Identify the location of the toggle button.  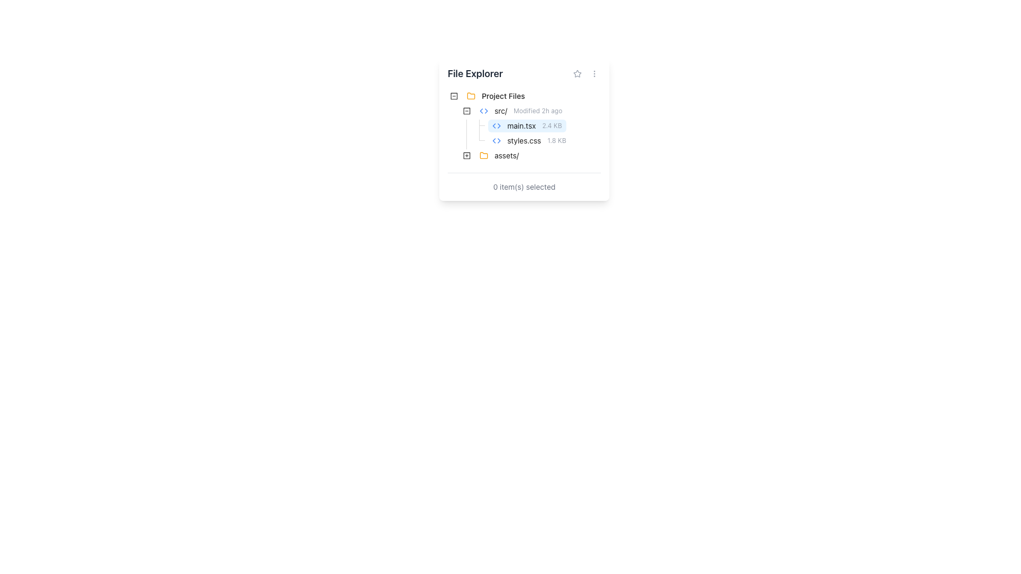
(467, 111).